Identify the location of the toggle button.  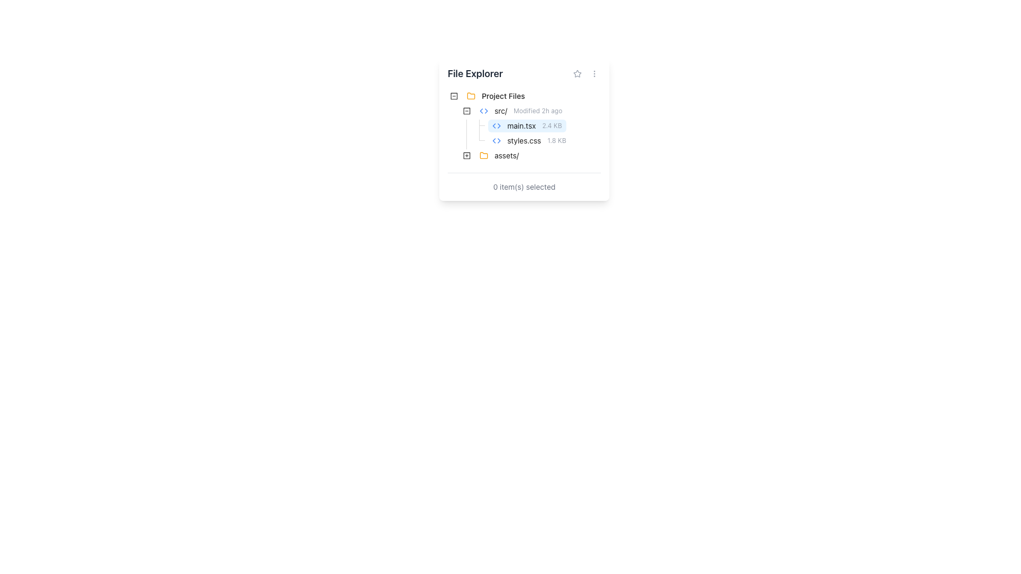
(467, 111).